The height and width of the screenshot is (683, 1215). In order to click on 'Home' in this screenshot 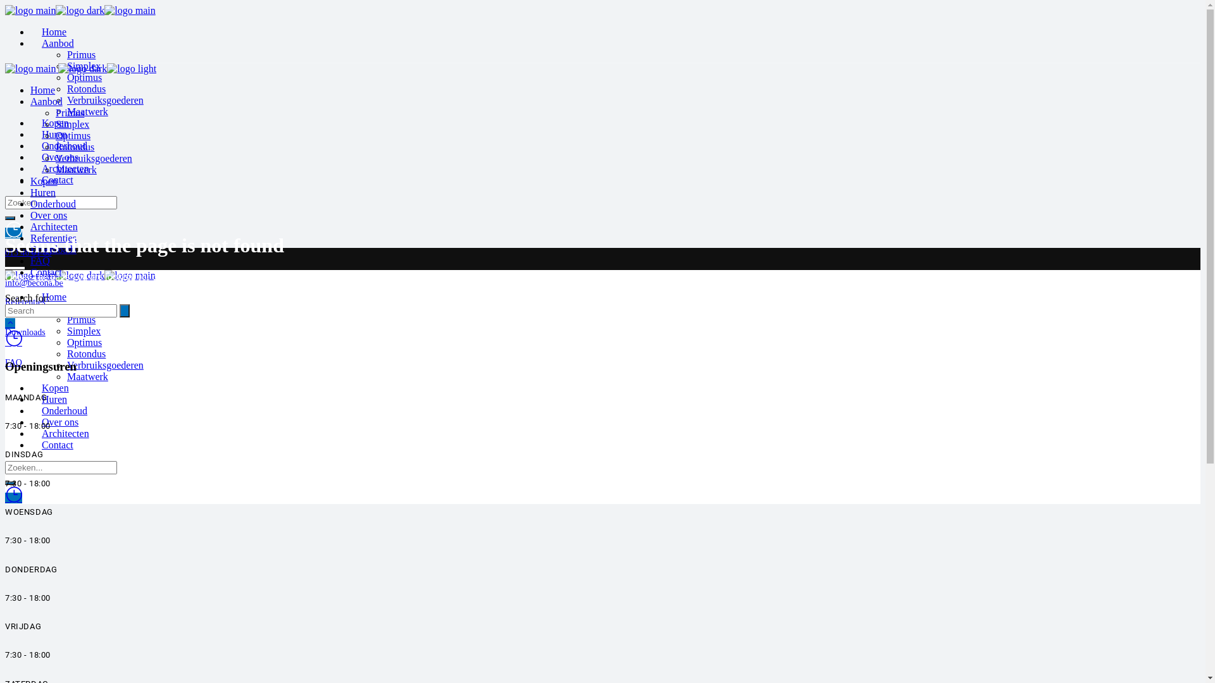, I will do `click(42, 31)`.